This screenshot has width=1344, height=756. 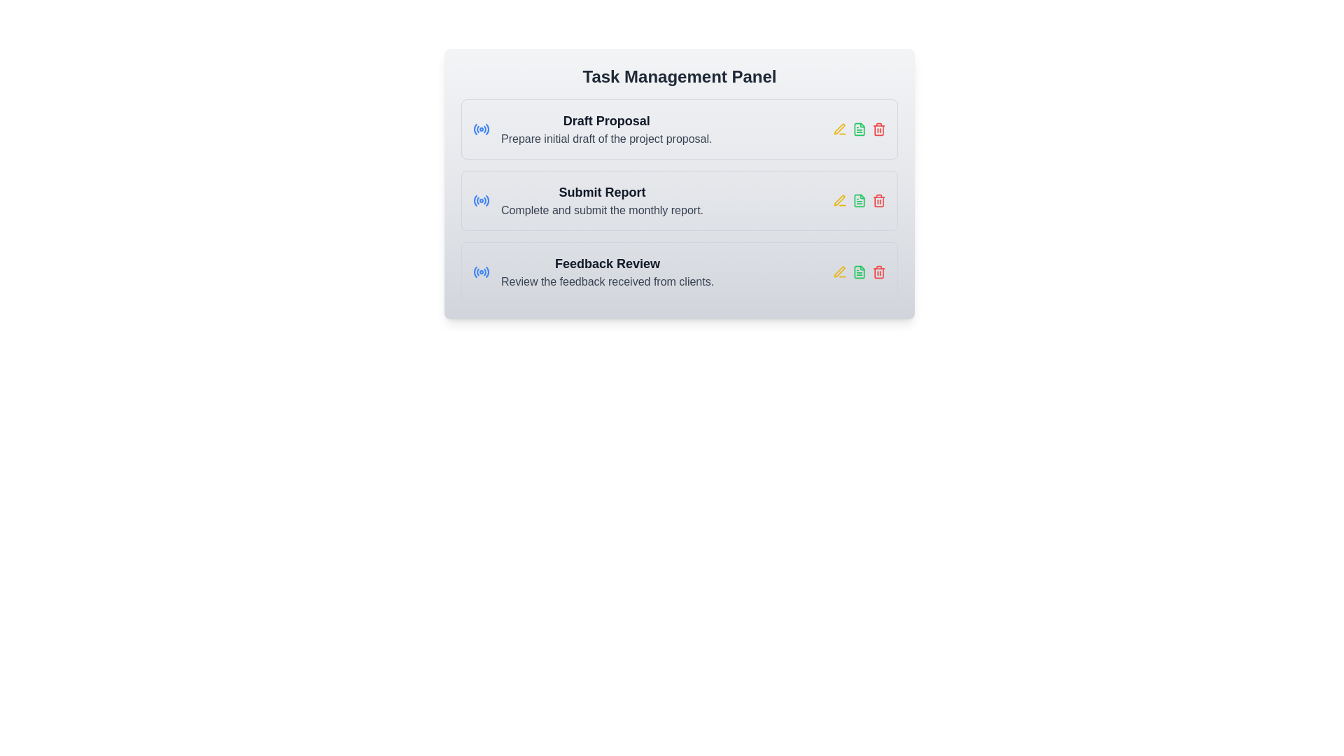 I want to click on the edit icon located in the task management panel next to the 'Draft Proposal' task, so click(x=839, y=272).